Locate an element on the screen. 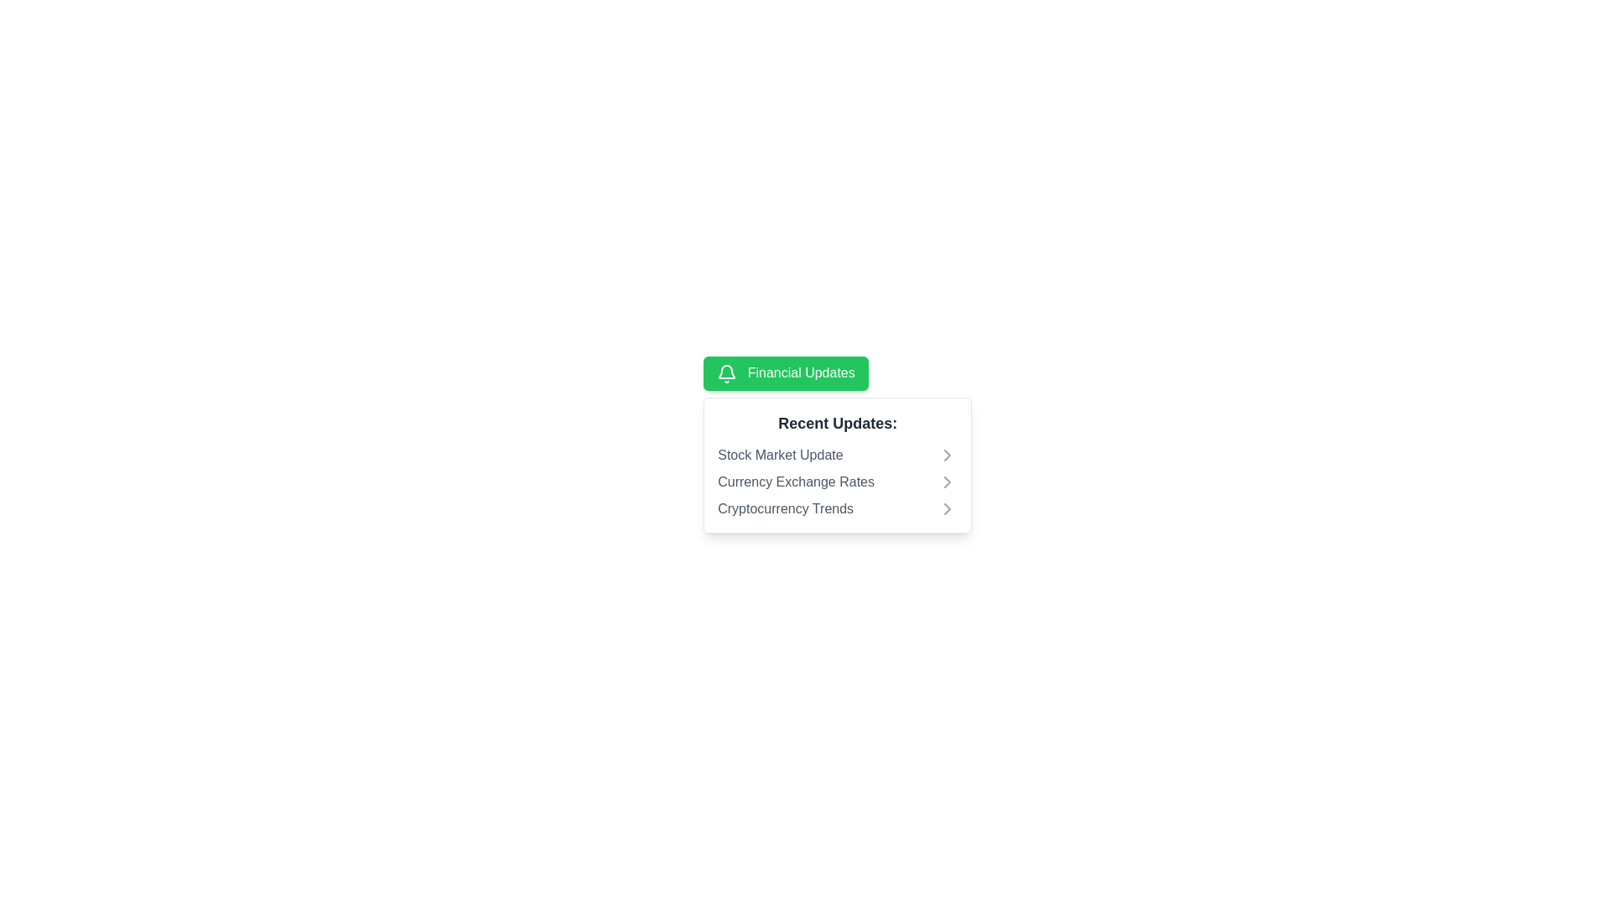 This screenshot has height=906, width=1610. the navigation icon positioned to the far right of the 'Cryptocurrency Trends' text in the 'Recent Updates' section is located at coordinates (948, 508).